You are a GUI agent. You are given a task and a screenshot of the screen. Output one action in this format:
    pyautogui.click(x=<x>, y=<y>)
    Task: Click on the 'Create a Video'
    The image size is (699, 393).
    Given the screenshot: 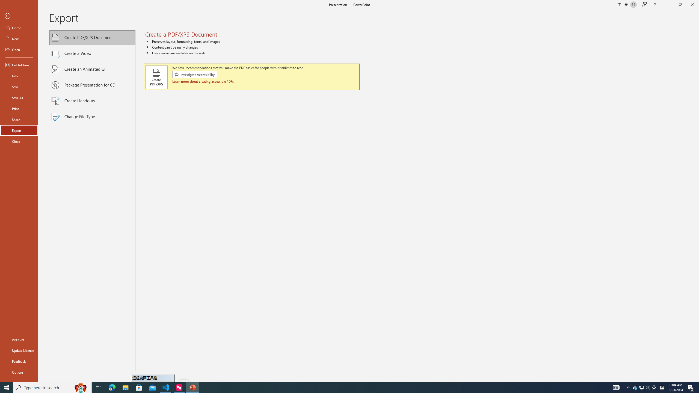 What is the action you would take?
    pyautogui.click(x=92, y=53)
    